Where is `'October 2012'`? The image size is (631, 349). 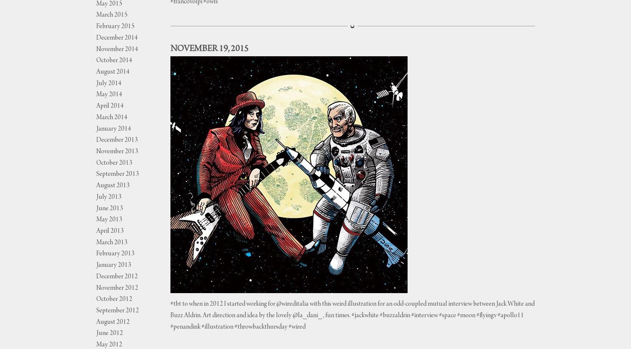
'October 2012' is located at coordinates (96, 299).